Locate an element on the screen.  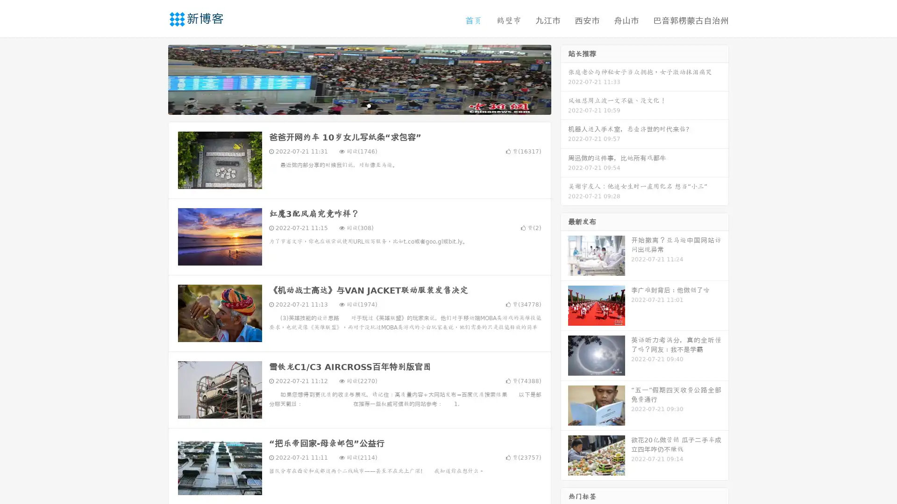
Go to slide 2 is located at coordinates (359, 105).